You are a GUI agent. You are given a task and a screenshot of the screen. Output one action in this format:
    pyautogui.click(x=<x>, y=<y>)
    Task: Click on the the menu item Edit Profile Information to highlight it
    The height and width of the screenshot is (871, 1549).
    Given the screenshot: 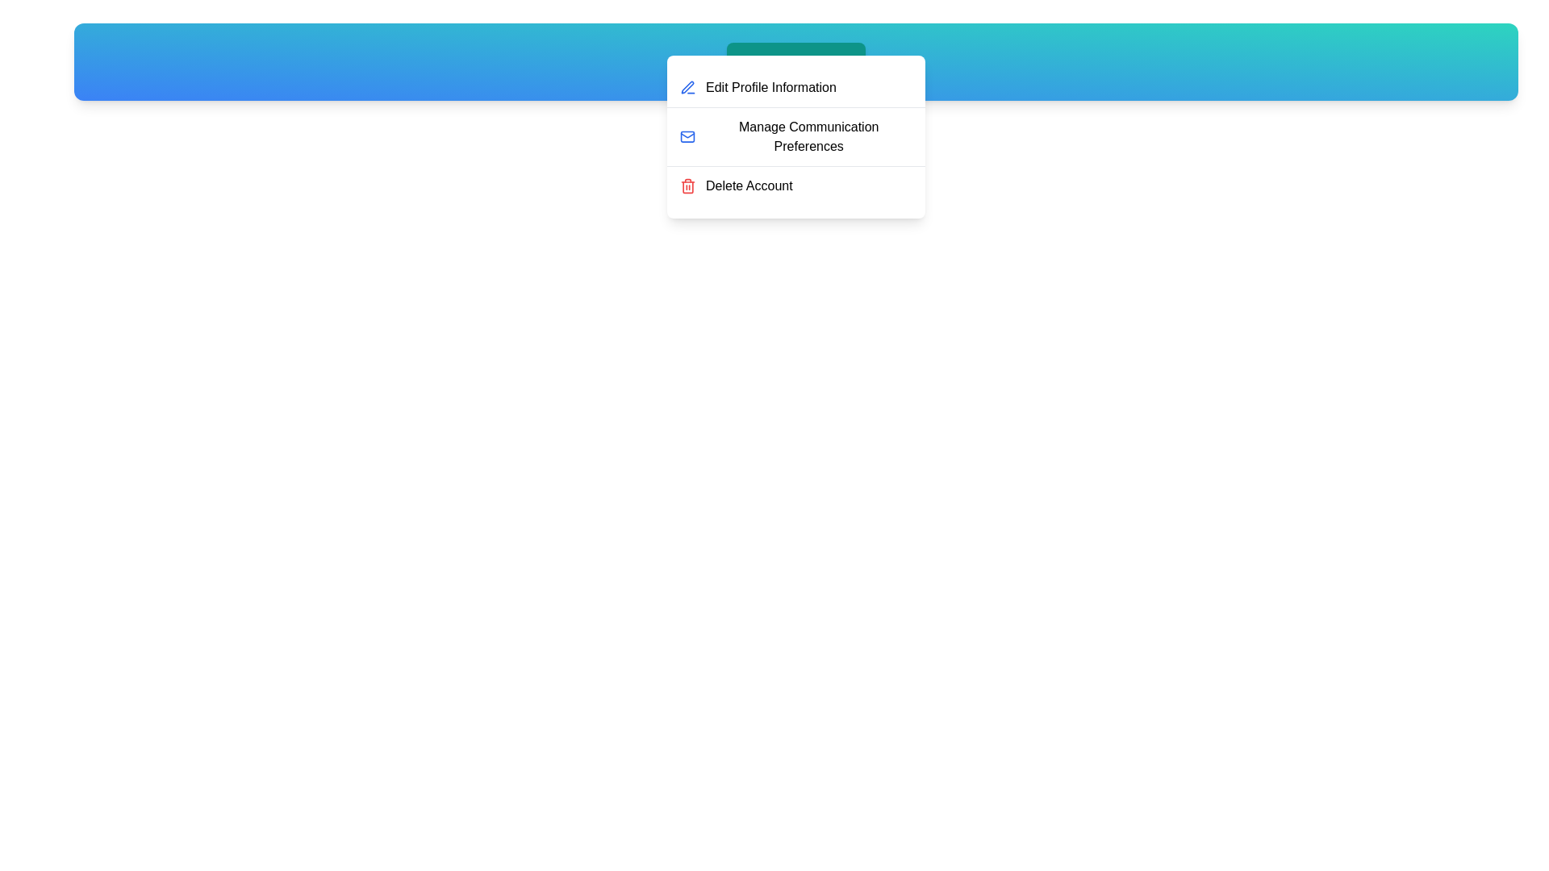 What is the action you would take?
    pyautogui.click(x=796, y=87)
    